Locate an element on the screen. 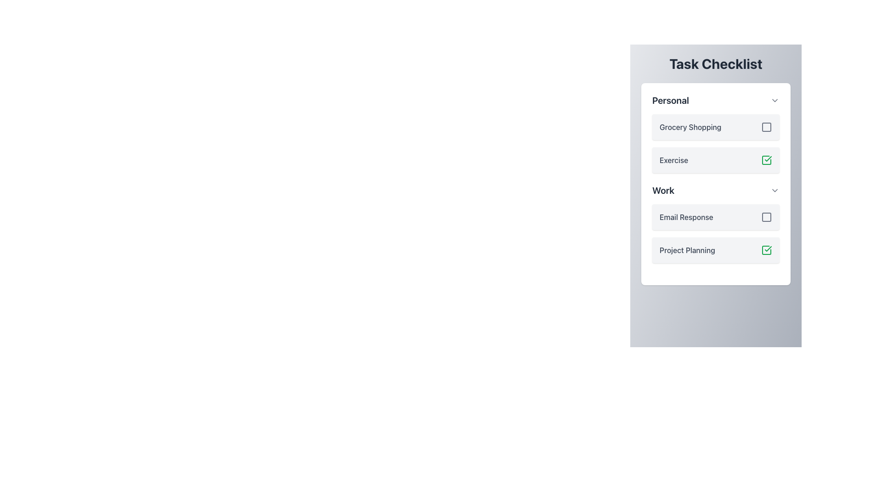 Image resolution: width=882 pixels, height=496 pixels. the center of the green checkbox icon located at the rightmost position of the 'Exercise' item in the 'Personal' section of the 'Task Checklist' is located at coordinates (767, 159).